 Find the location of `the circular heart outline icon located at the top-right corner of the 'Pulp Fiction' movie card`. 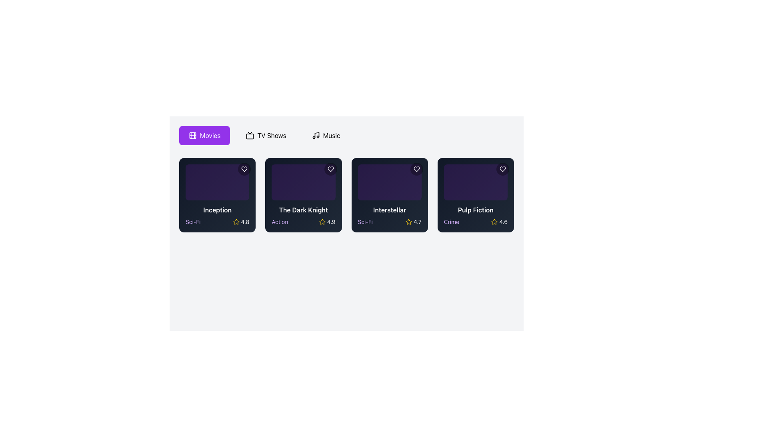

the circular heart outline icon located at the top-right corner of the 'Pulp Fiction' movie card is located at coordinates (502, 169).